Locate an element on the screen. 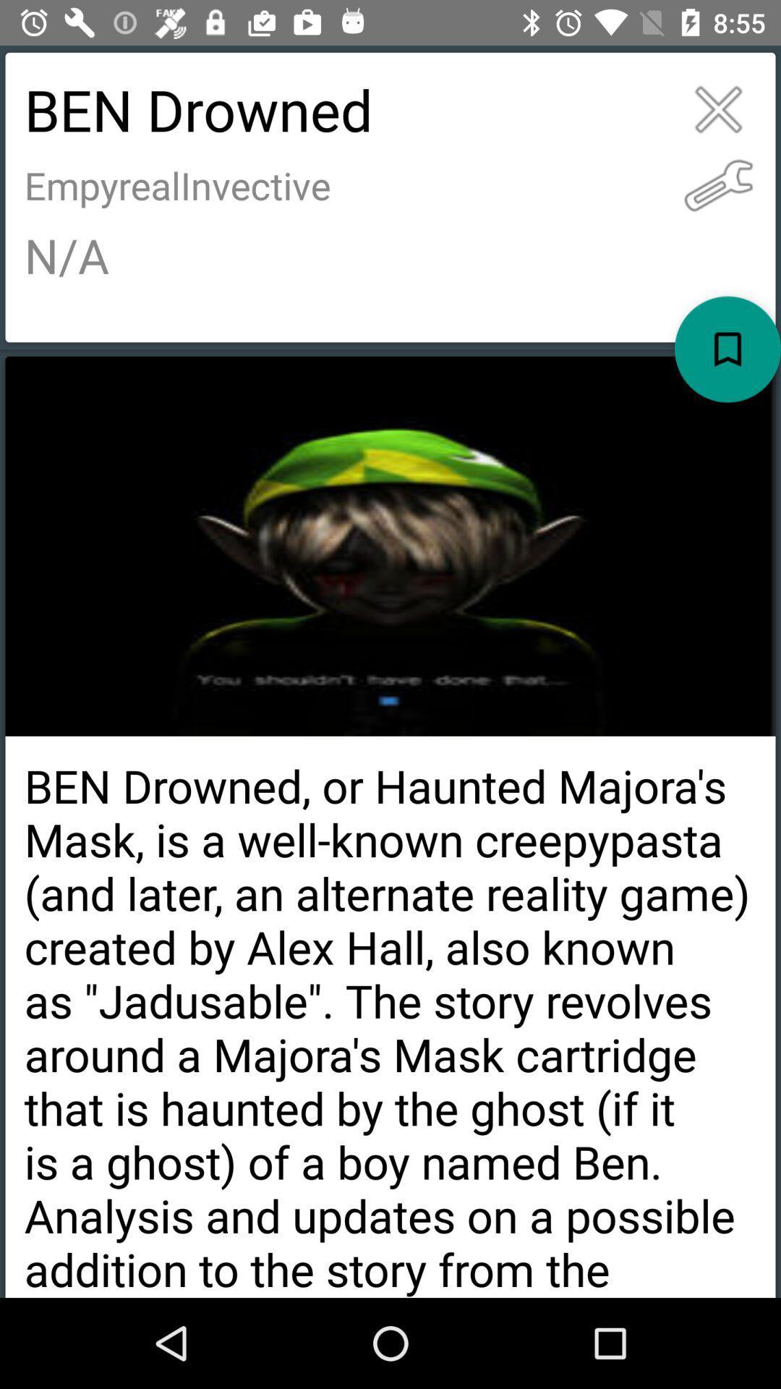 This screenshot has height=1389, width=781. icon below the ben drowned item is located at coordinates (718, 184).